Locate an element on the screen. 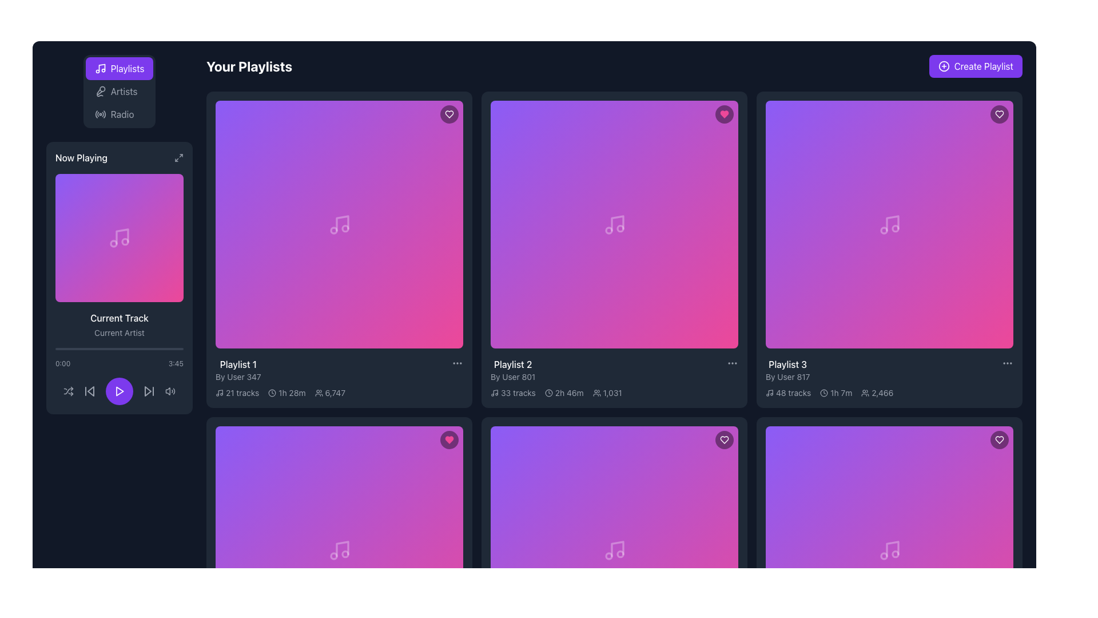  the triangular play icon, which is a minimalistic SVG graphic with a purple base and white lines, located at the bottom of the 'Now Playing' section in the left sidebar is located at coordinates (120, 390).